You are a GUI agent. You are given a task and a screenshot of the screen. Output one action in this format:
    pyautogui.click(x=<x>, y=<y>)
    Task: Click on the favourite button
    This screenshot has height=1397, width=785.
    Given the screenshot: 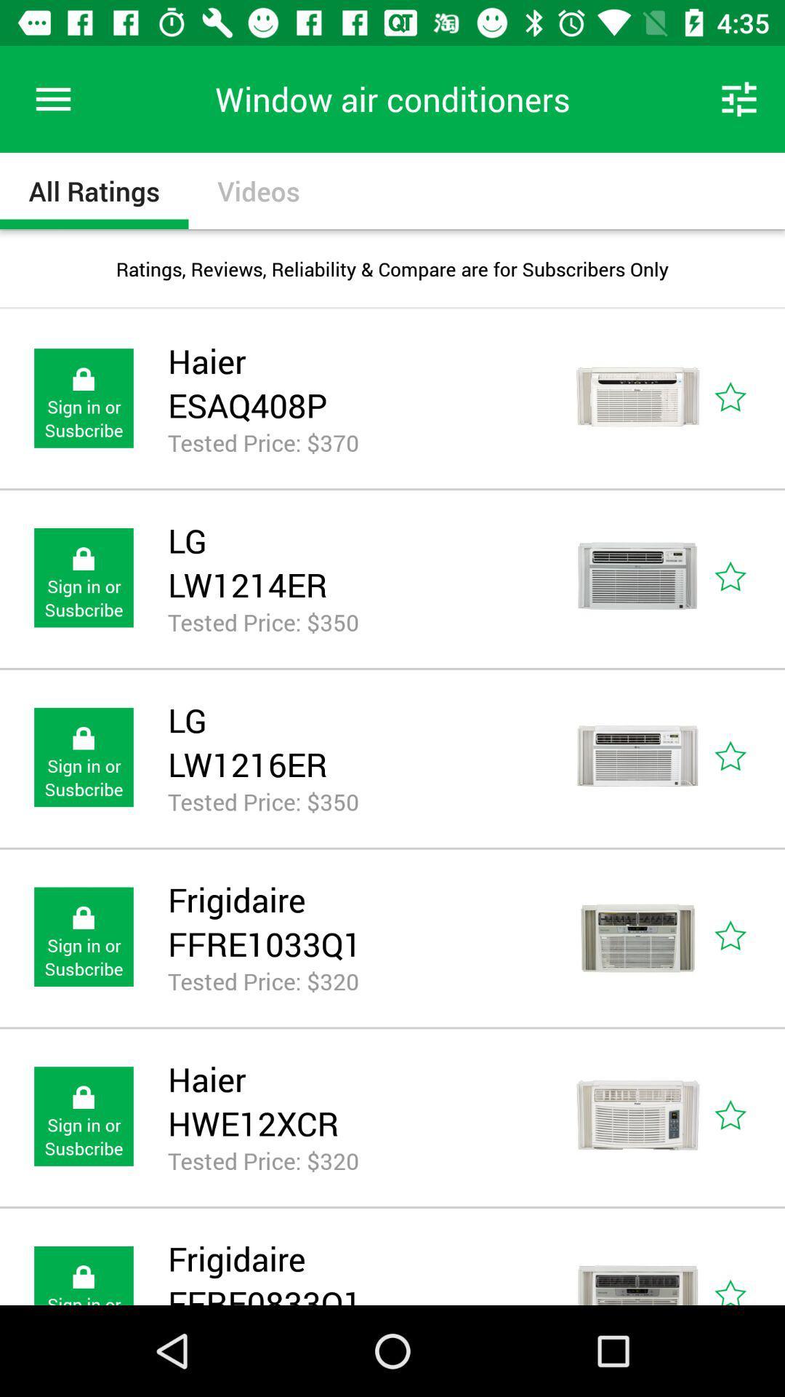 What is the action you would take?
    pyautogui.click(x=746, y=937)
    